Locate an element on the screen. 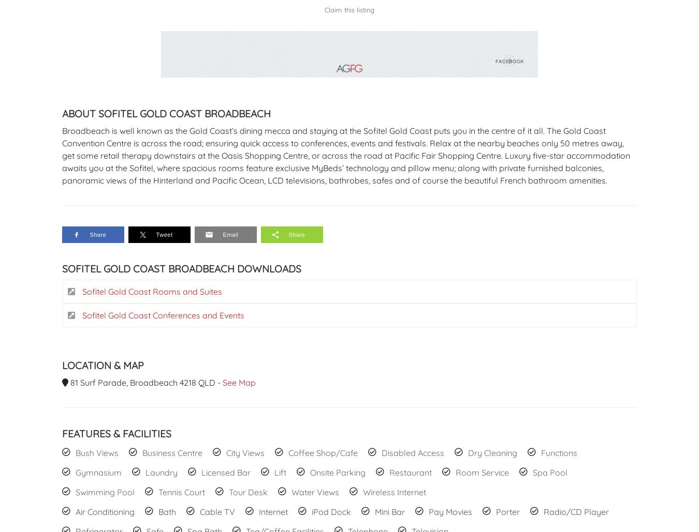  'Claim this listing' is located at coordinates (324, 10).